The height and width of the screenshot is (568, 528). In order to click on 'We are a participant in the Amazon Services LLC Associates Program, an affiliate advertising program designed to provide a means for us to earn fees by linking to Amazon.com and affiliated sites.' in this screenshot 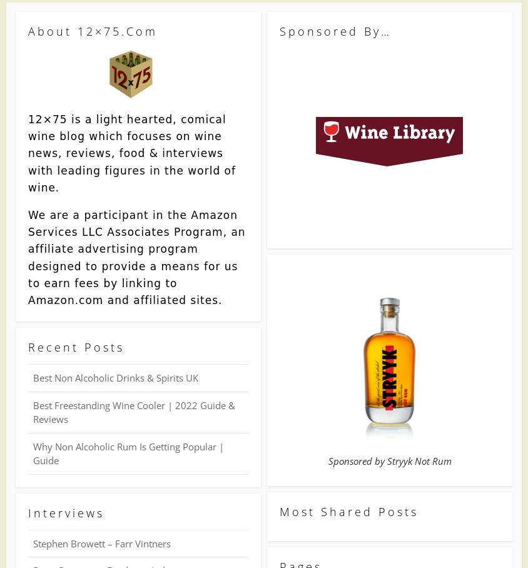, I will do `click(27, 256)`.